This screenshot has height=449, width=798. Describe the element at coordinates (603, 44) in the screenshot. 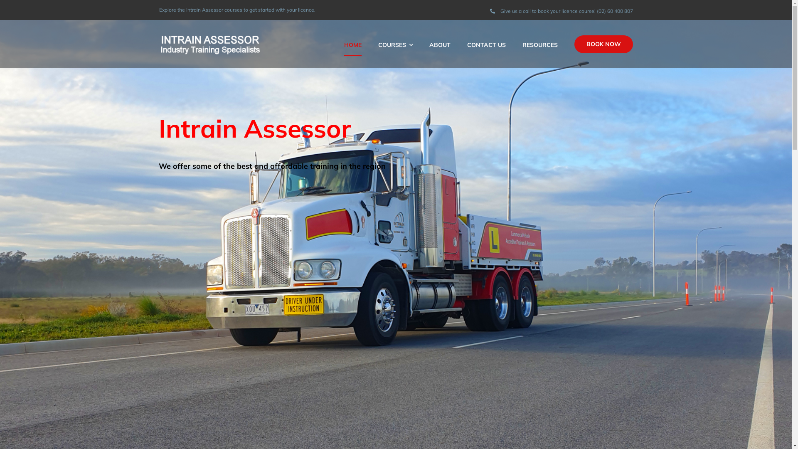

I see `'BOOK NOW'` at that location.